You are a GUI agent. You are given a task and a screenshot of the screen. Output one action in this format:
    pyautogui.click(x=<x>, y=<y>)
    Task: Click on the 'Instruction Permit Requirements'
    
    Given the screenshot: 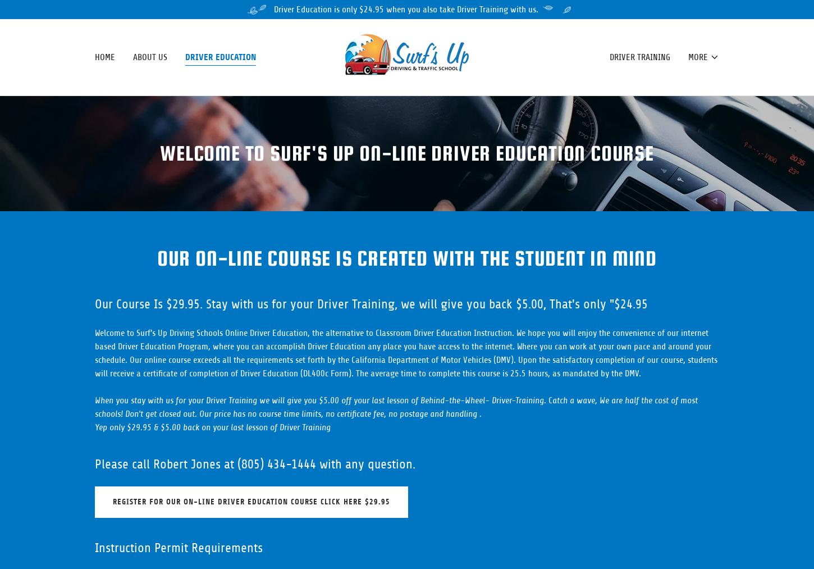 What is the action you would take?
    pyautogui.click(x=179, y=547)
    